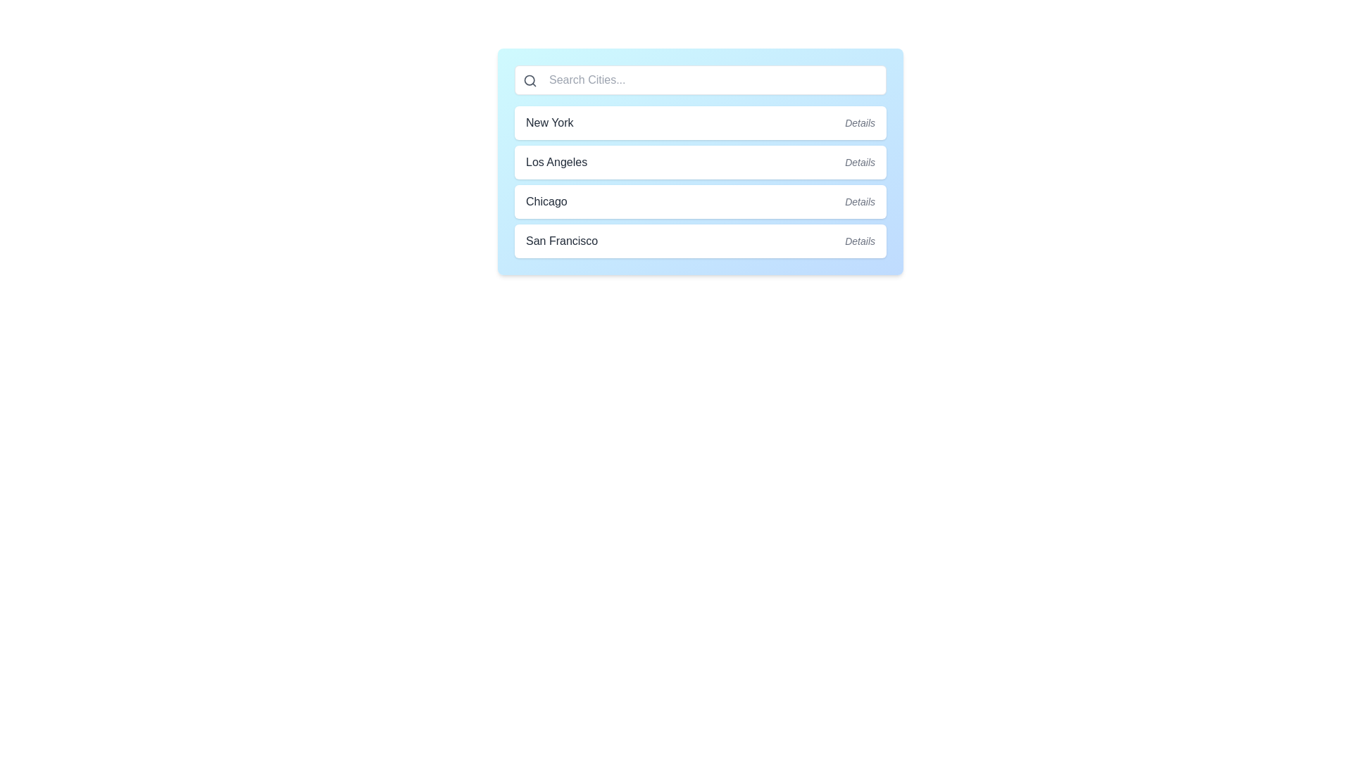 The height and width of the screenshot is (760, 1352). Describe the element at coordinates (700, 181) in the screenshot. I see `to select the 'Los Angeles' entry in the city list, which is the second entry below 'New York' and above 'Chicago'` at that location.